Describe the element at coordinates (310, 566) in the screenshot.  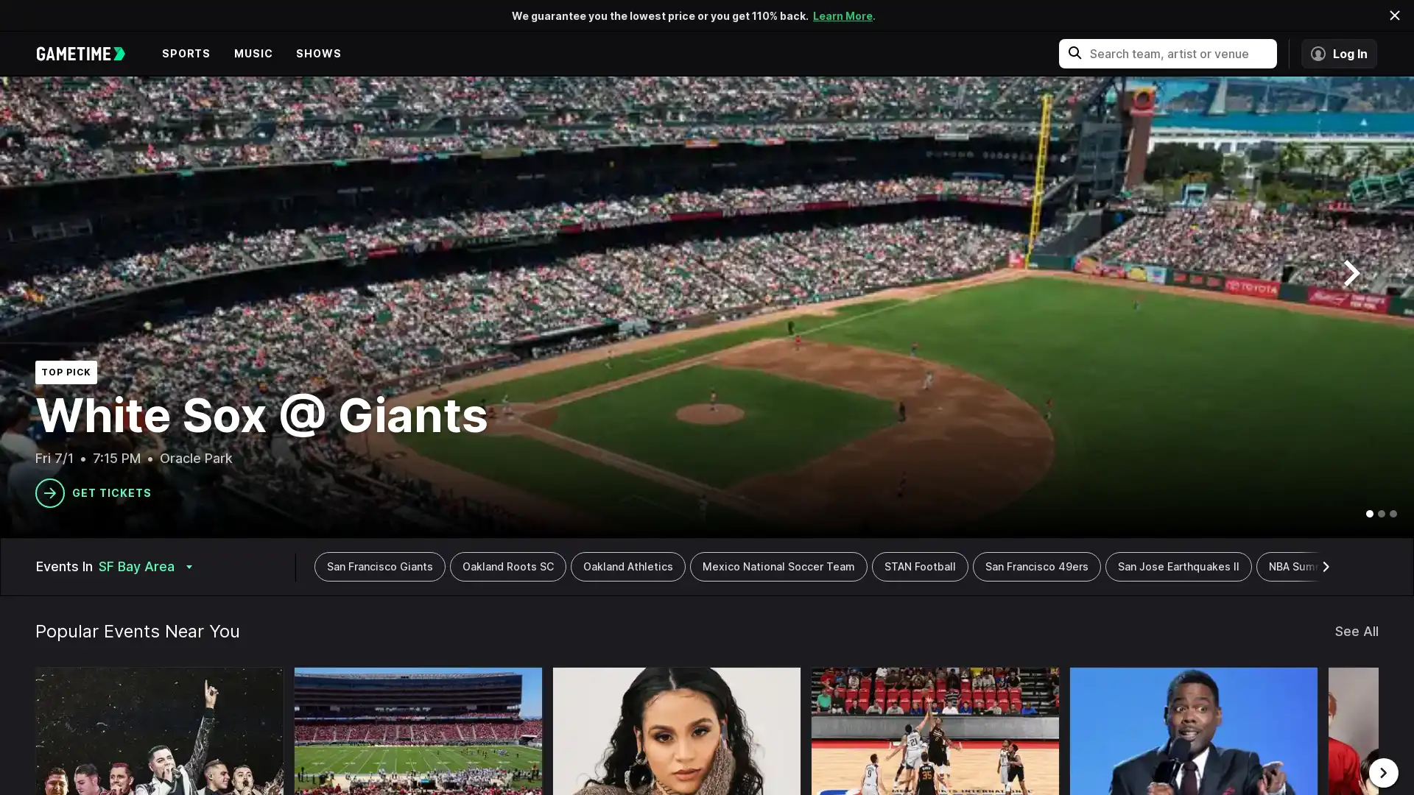
I see `Show more` at that location.